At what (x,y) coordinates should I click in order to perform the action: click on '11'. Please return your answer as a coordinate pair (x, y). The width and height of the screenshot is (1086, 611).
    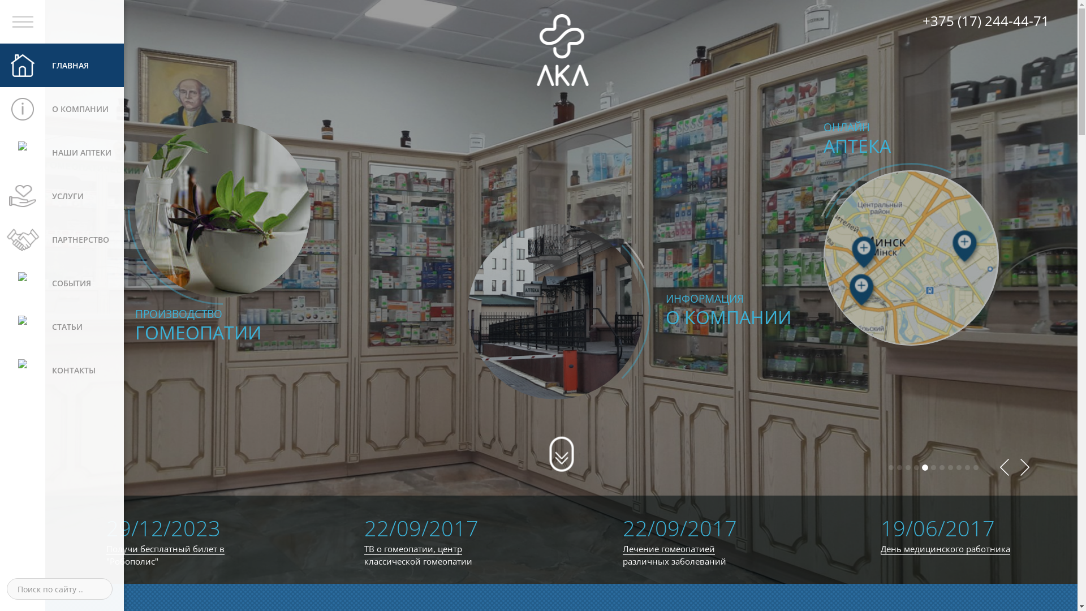
    Looking at the image, I should click on (975, 467).